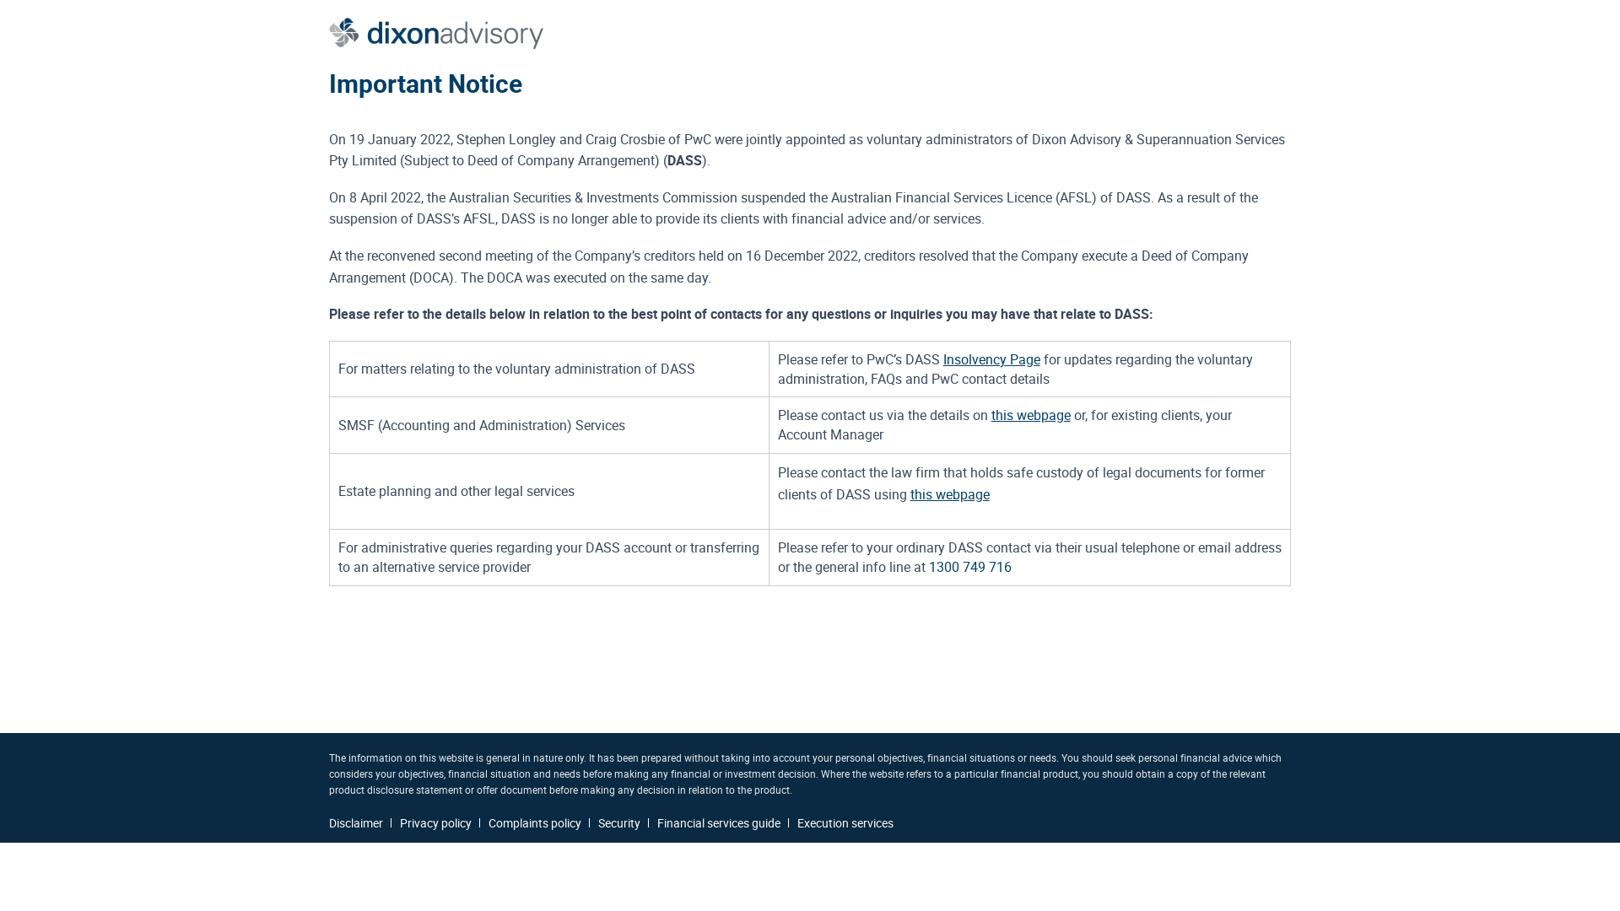  What do you see at coordinates (718, 822) in the screenshot?
I see `'Financial services guide'` at bounding box center [718, 822].